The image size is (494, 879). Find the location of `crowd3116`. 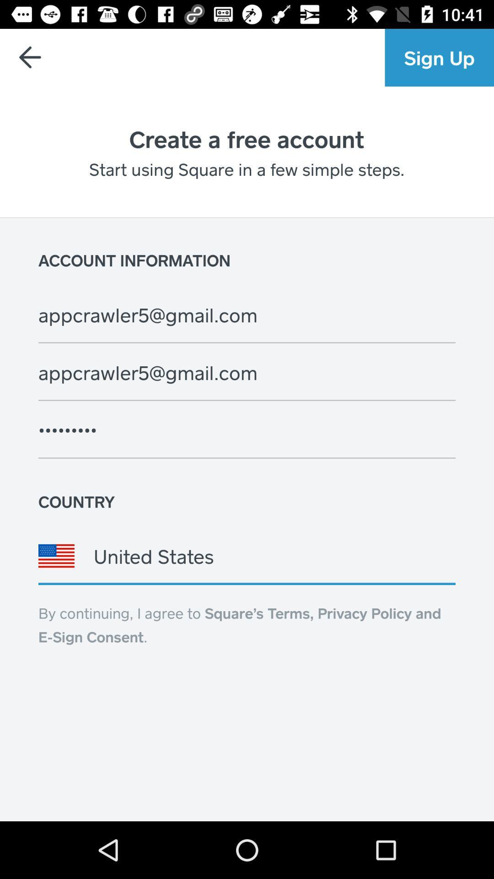

crowd3116 is located at coordinates (247, 429).